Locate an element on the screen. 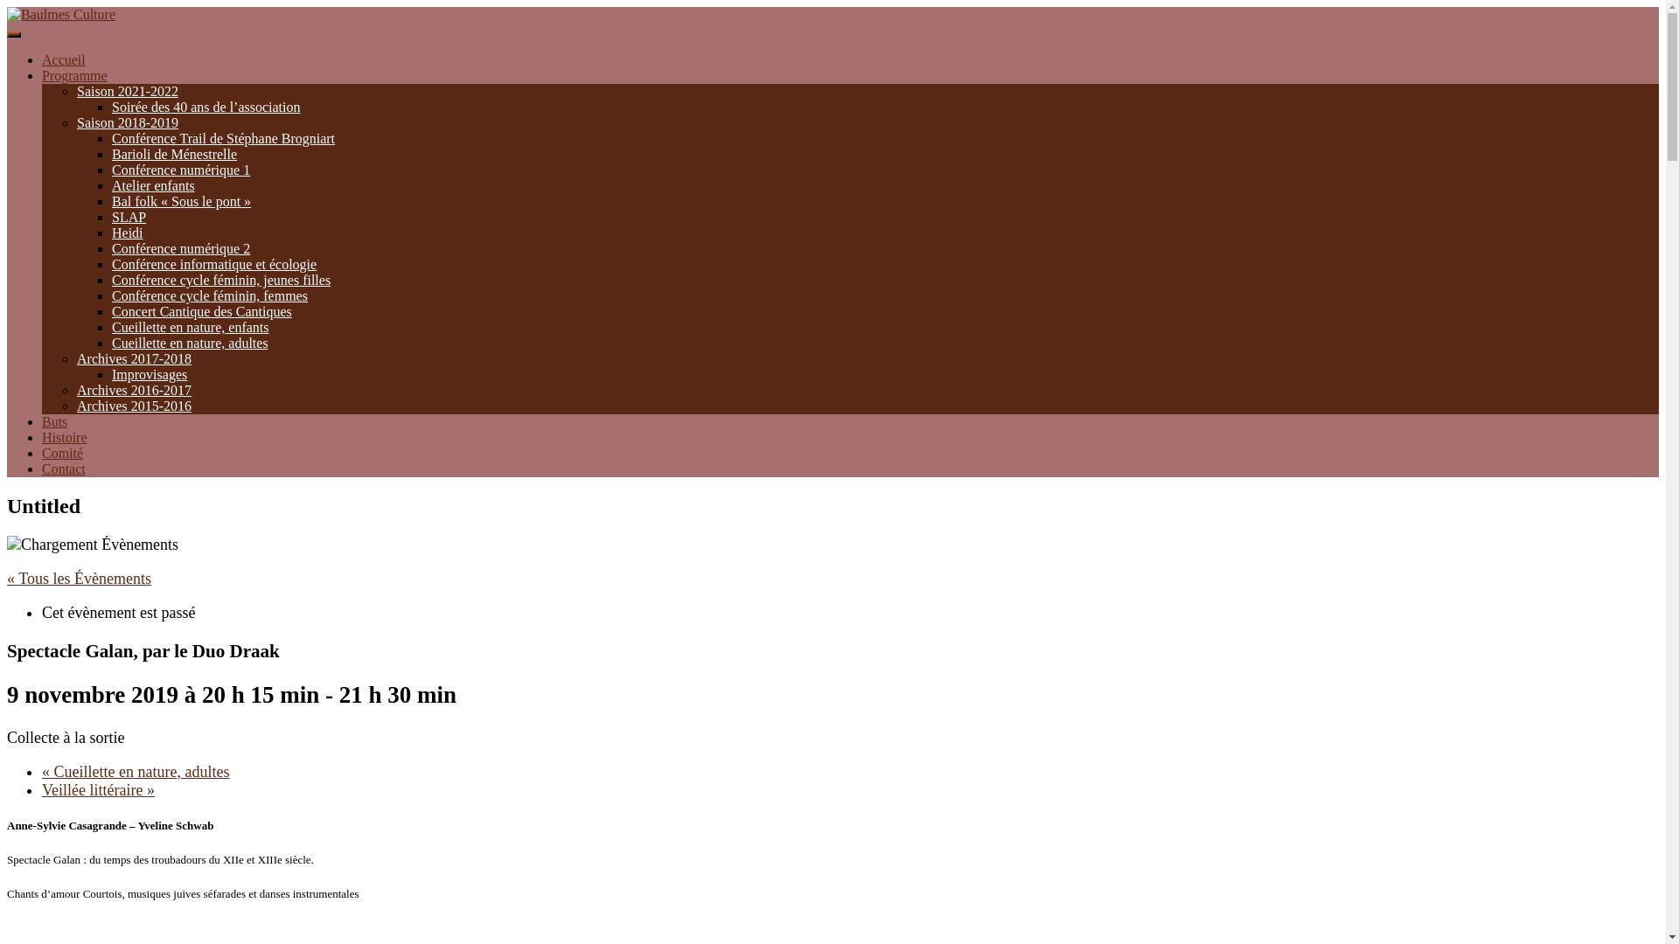 This screenshot has width=1679, height=944. 'Cueillette en nature, adultes' is located at coordinates (190, 343).